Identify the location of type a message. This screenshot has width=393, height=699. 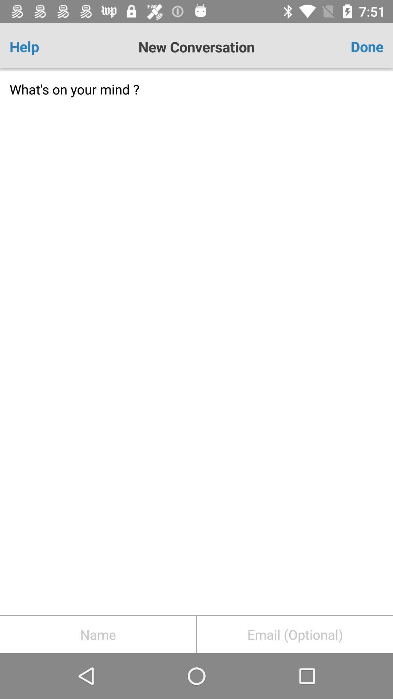
(196, 342).